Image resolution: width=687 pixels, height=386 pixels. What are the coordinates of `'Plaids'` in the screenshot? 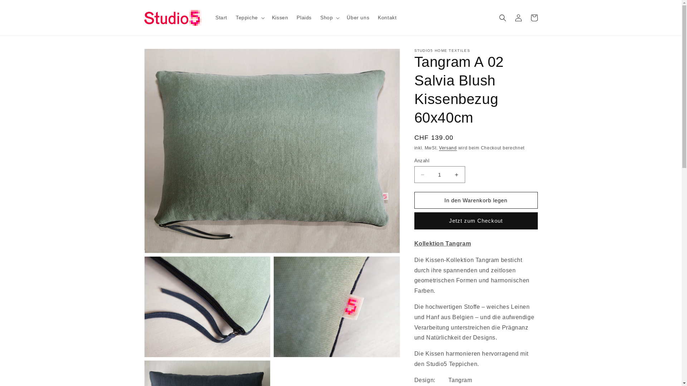 It's located at (304, 17).